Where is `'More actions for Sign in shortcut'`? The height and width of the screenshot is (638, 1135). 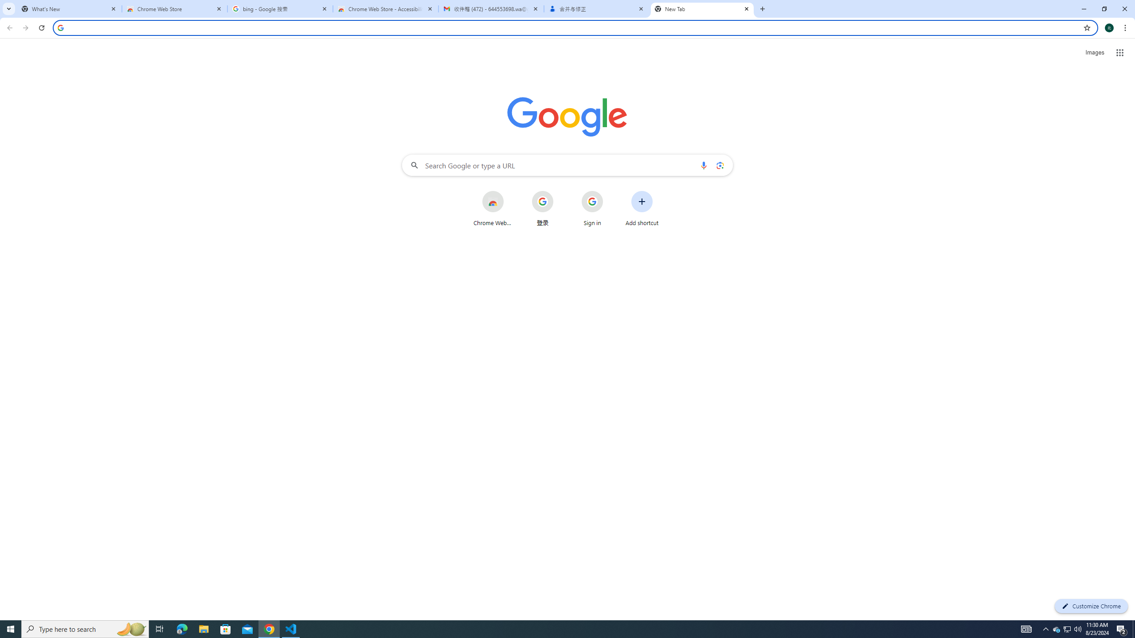 'More actions for Sign in shortcut' is located at coordinates (610, 191).